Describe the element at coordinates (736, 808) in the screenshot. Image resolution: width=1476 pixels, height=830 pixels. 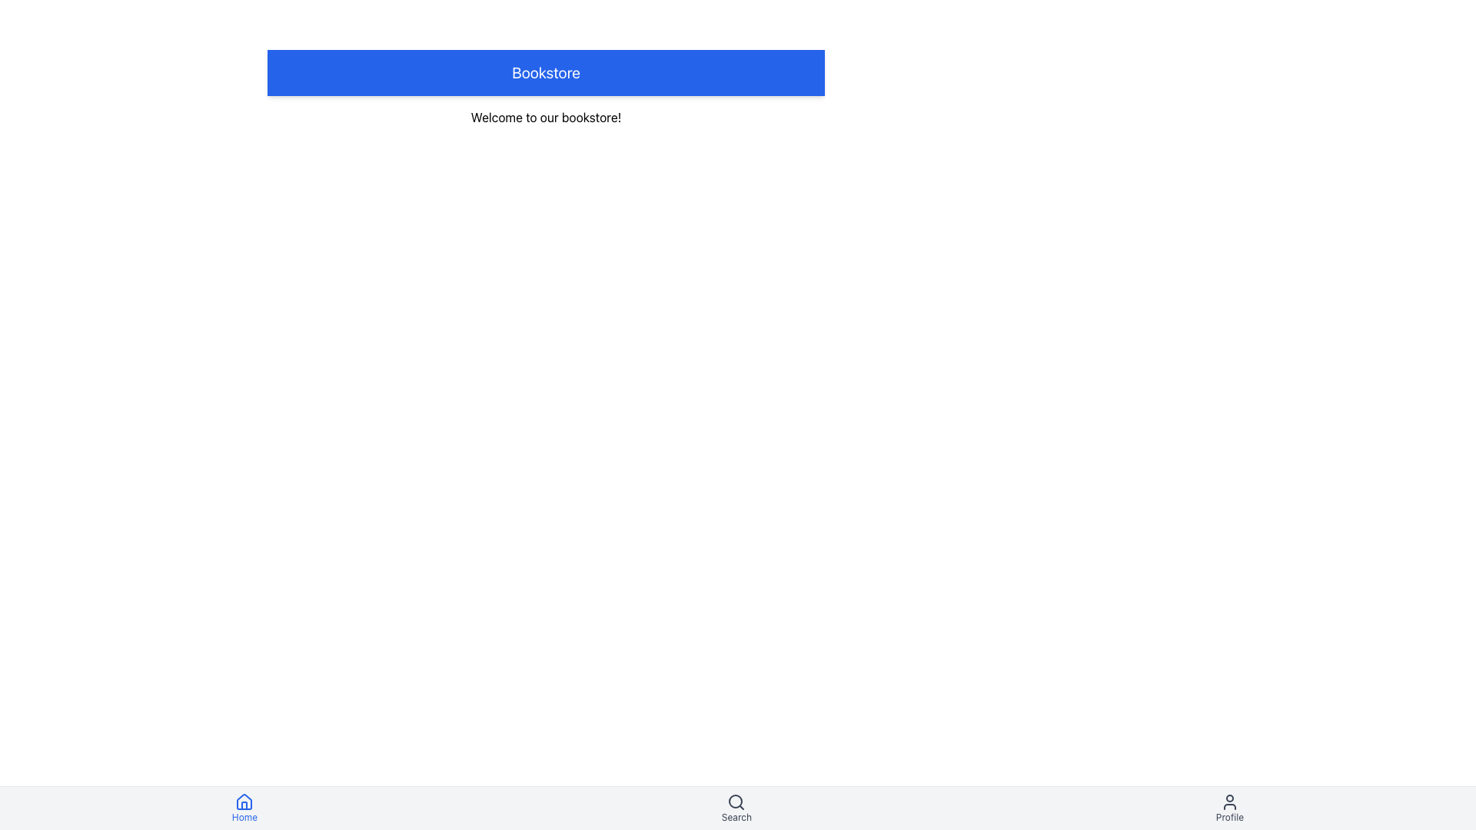
I see `the 'Search' button located in the middle of the bottom navigation bar` at that location.